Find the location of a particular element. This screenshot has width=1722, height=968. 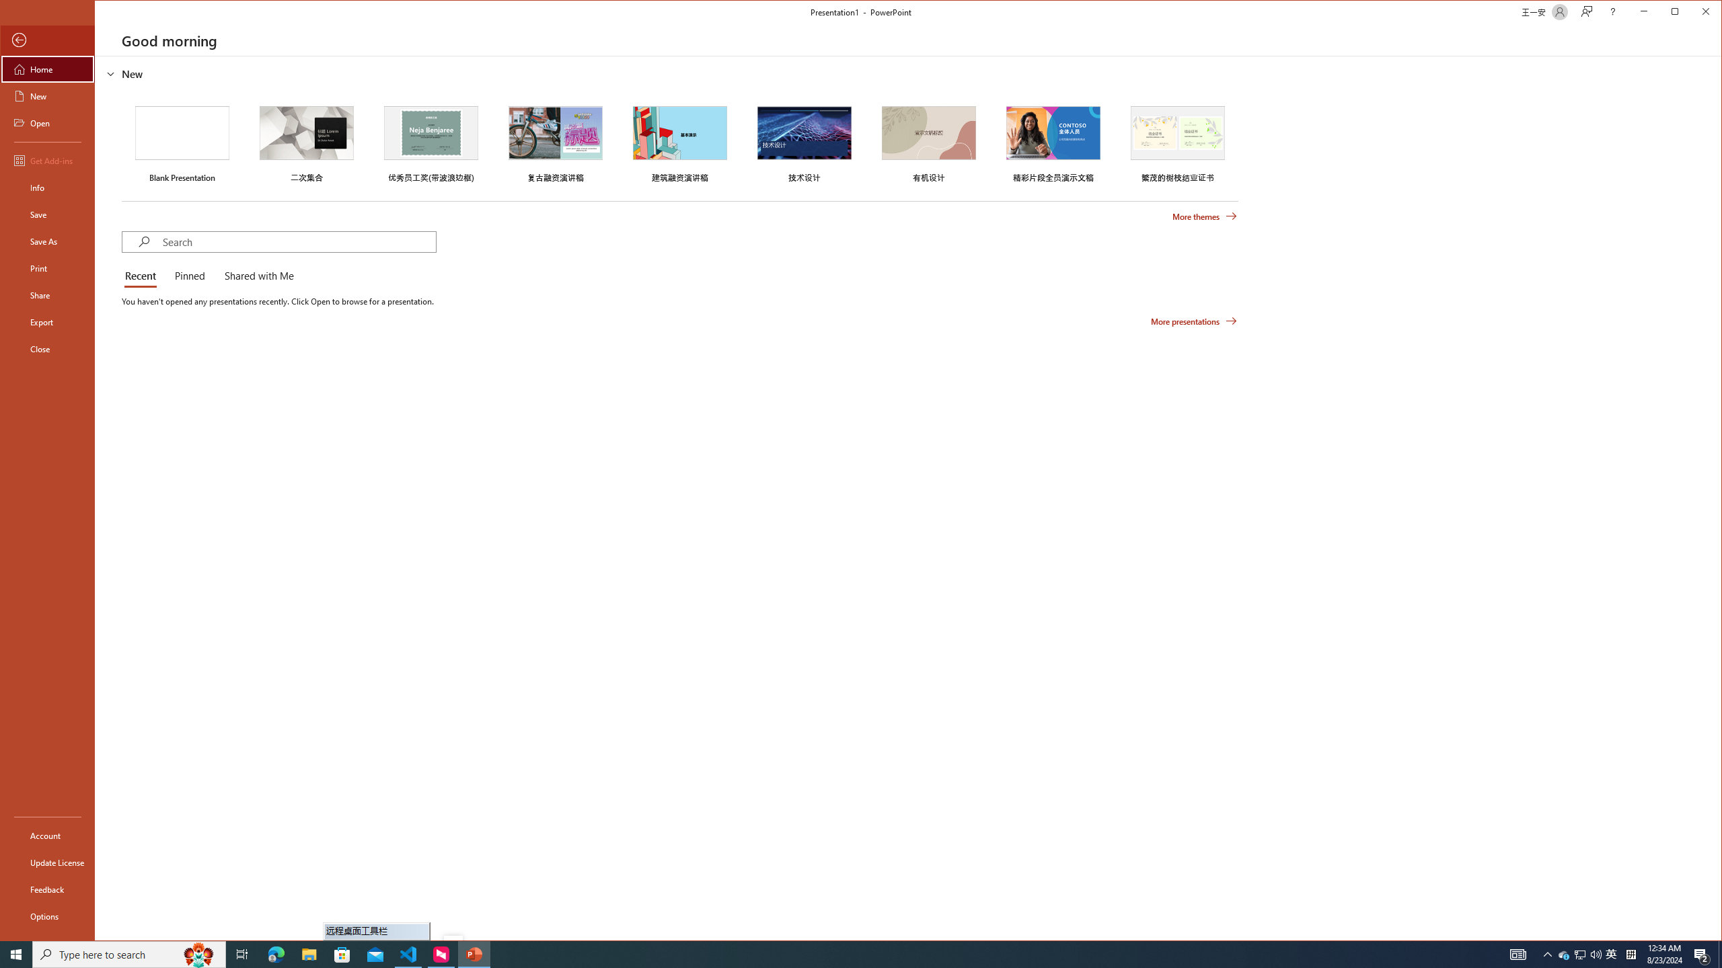

'Info' is located at coordinates (46, 188).